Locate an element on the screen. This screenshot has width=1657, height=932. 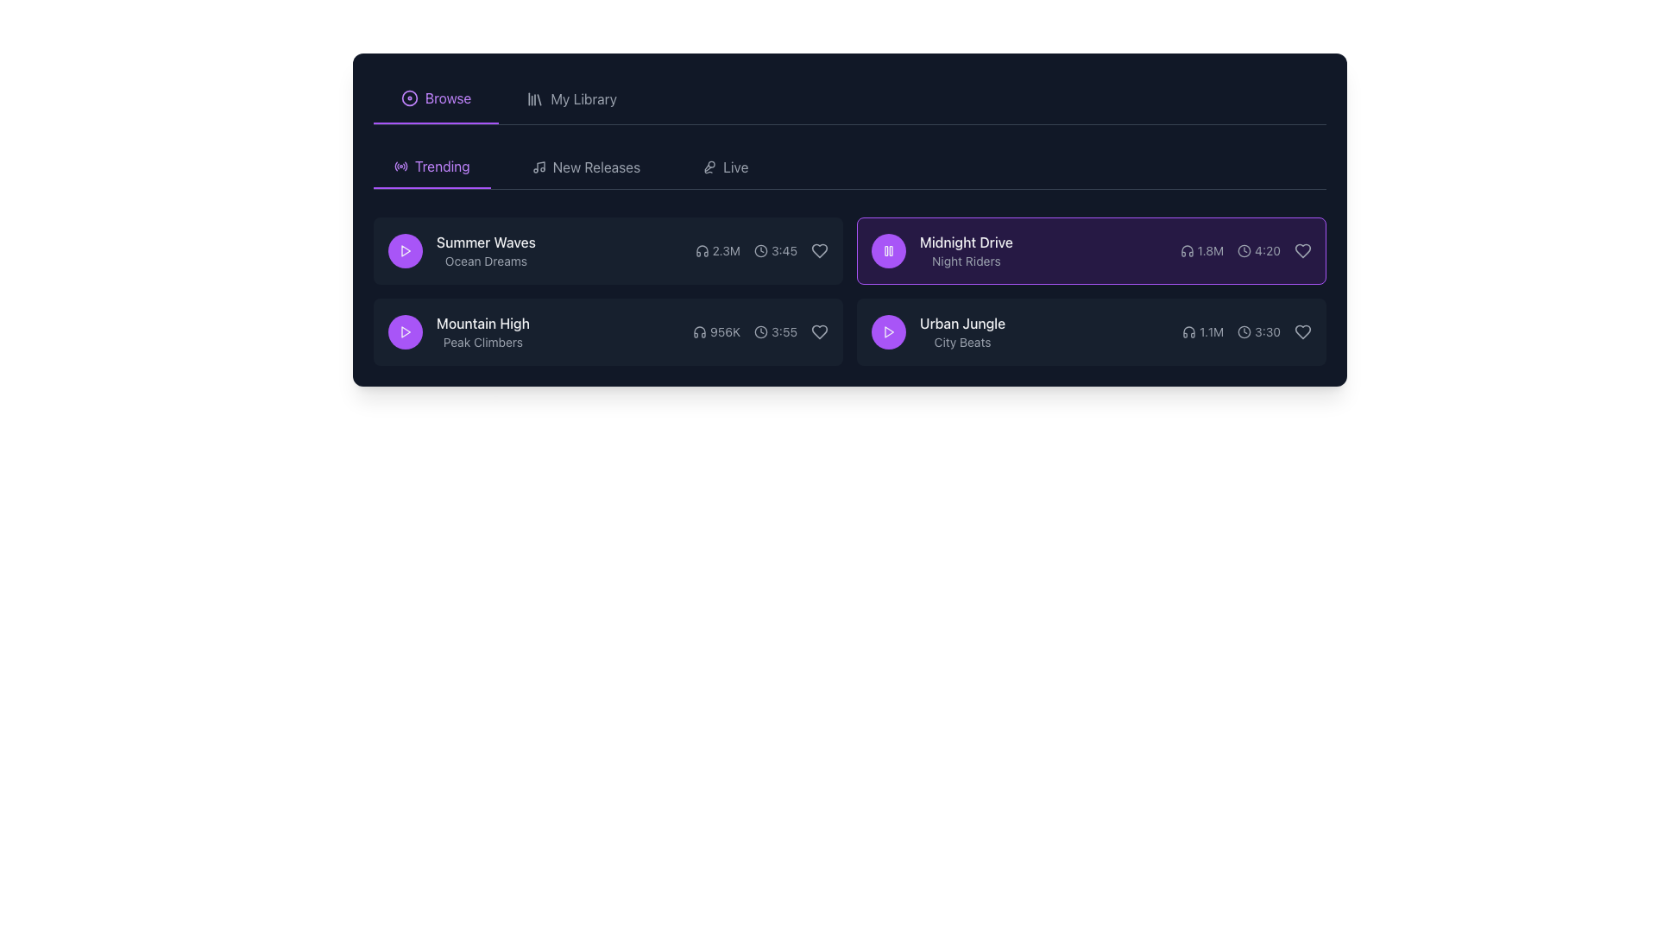
the heart icon at the end of the row displaying the 'Urban Jungle' track to mark it as liked or favorited is located at coordinates (1303, 332).